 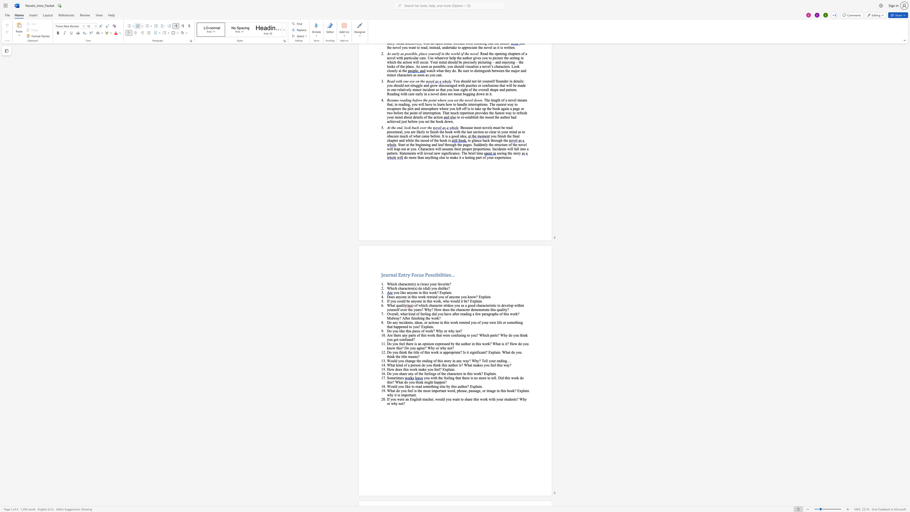 What do you see at coordinates (449, 386) in the screenshot?
I see `the 2th character "y" in the text` at bounding box center [449, 386].